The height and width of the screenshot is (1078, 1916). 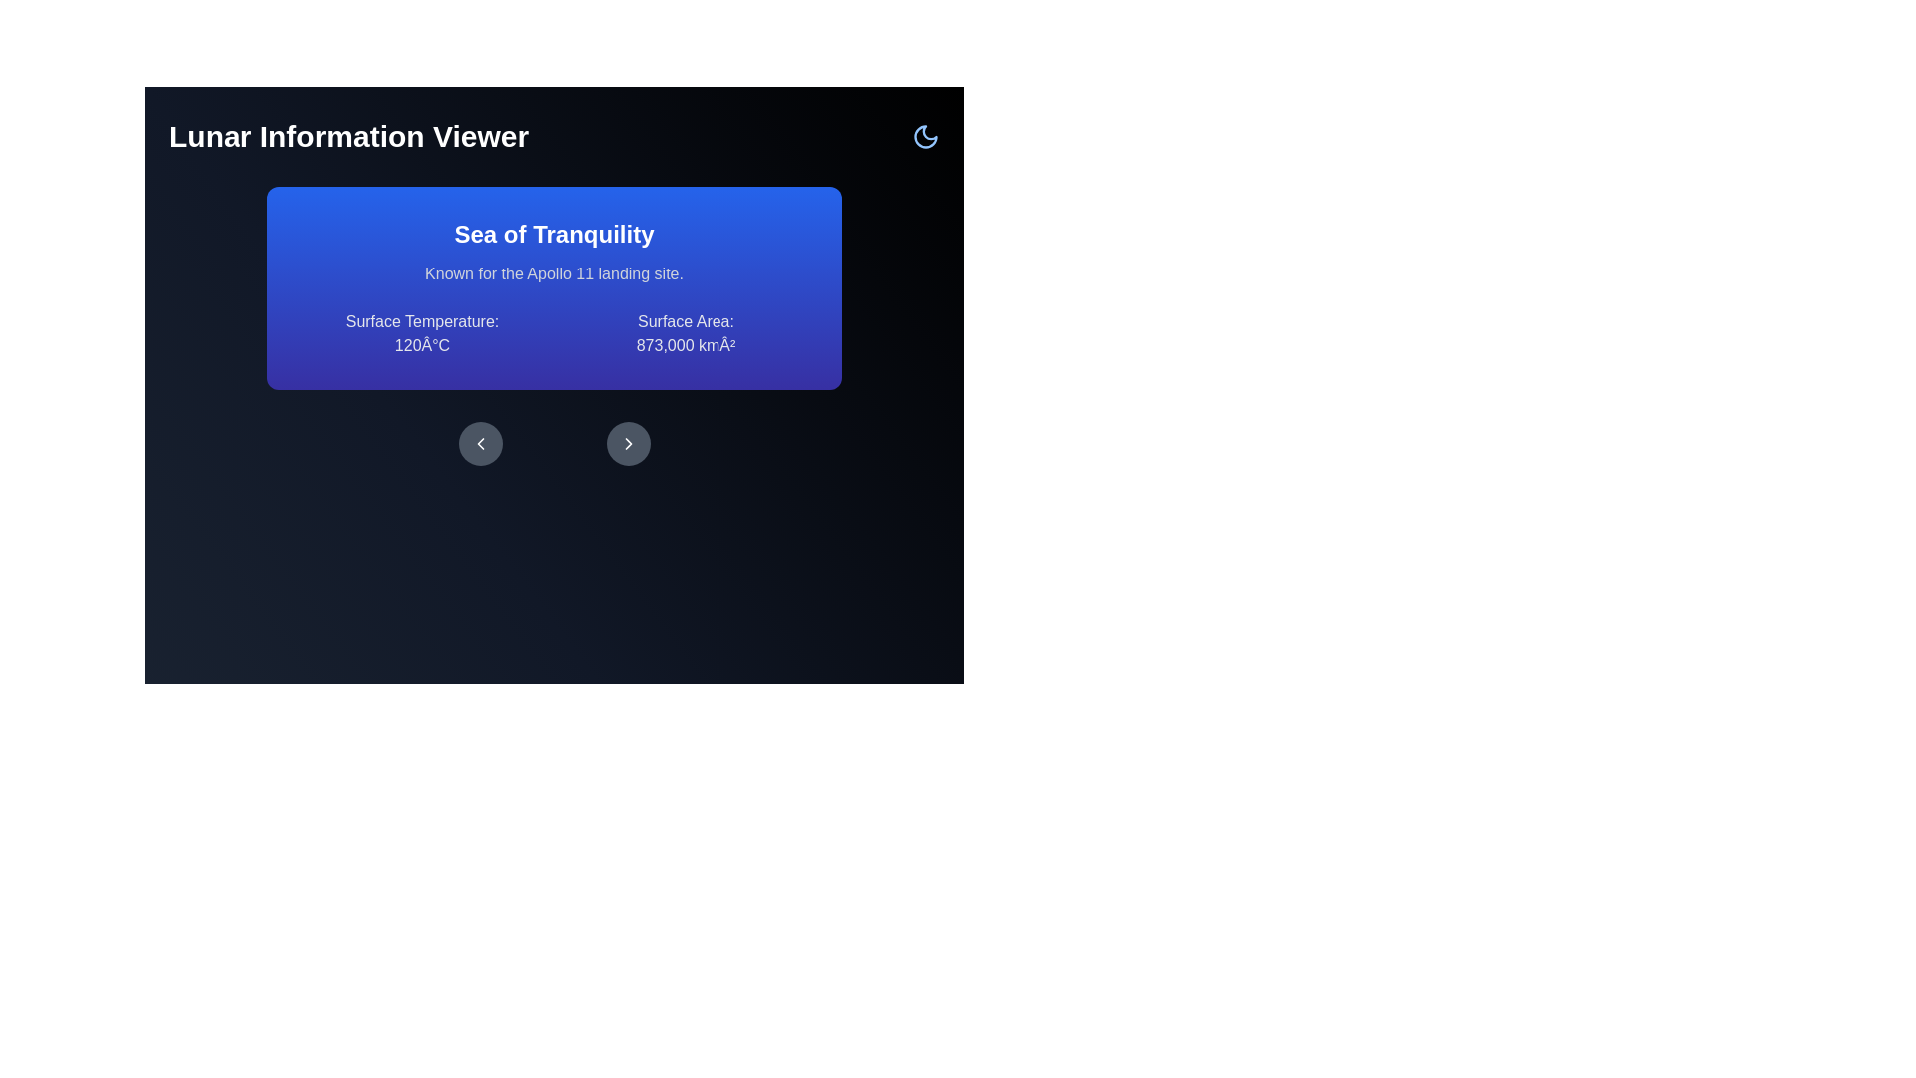 What do you see at coordinates (421, 320) in the screenshot?
I see `text content of the label located at the top-left corner of the blue panel titled 'Sea of Tranquility', which describes the numerical data '120°C'` at bounding box center [421, 320].